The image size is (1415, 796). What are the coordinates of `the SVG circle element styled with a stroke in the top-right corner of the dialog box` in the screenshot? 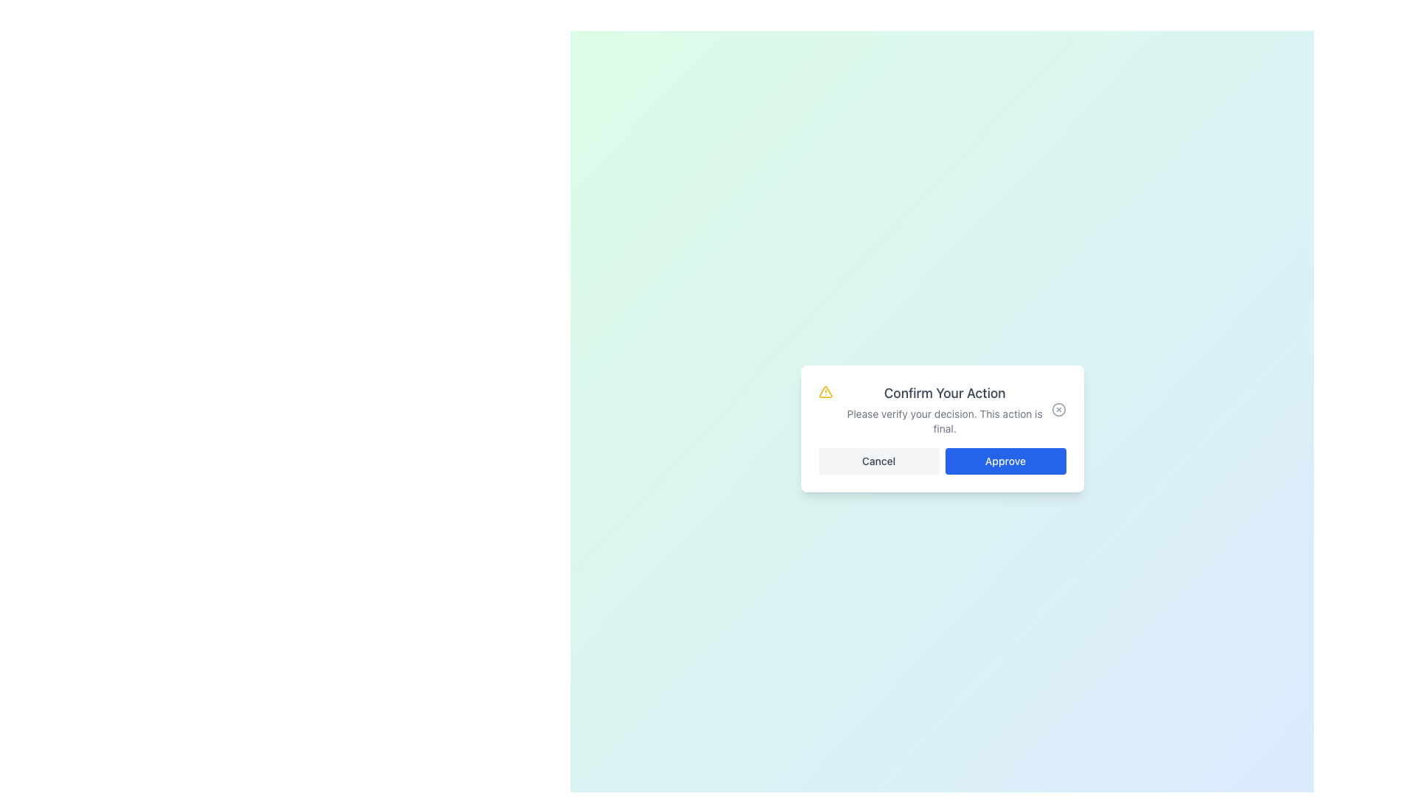 It's located at (1058, 409).